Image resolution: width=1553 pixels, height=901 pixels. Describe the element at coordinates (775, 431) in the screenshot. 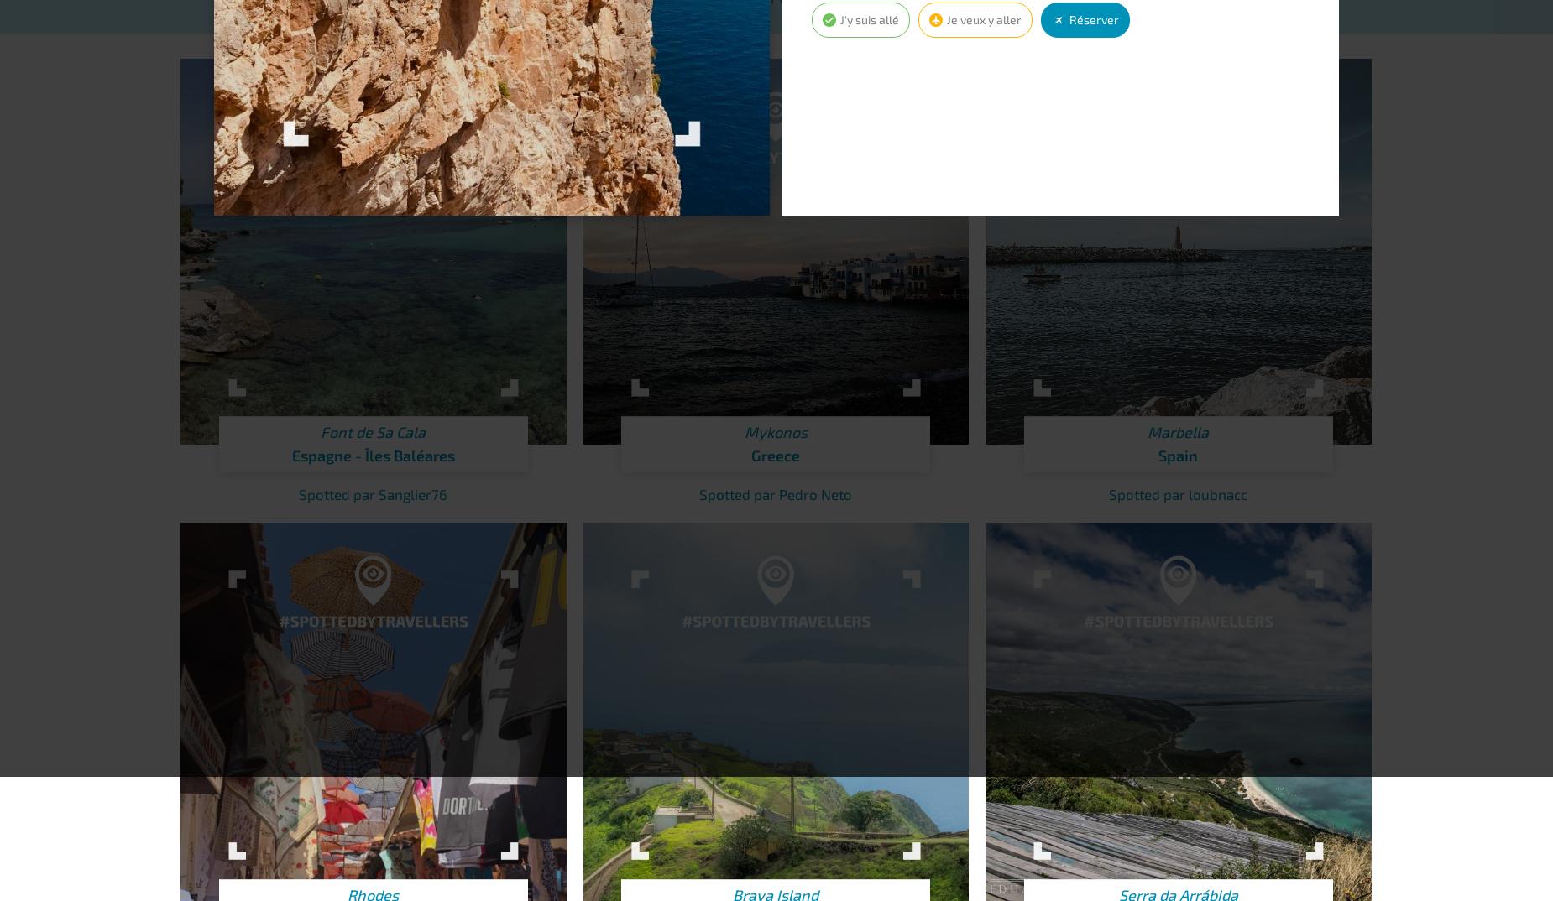

I see `'Mykonos'` at that location.